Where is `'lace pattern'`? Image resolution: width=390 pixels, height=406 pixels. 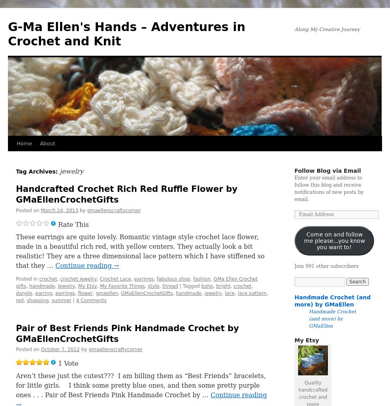 'lace pattern' is located at coordinates (252, 293).